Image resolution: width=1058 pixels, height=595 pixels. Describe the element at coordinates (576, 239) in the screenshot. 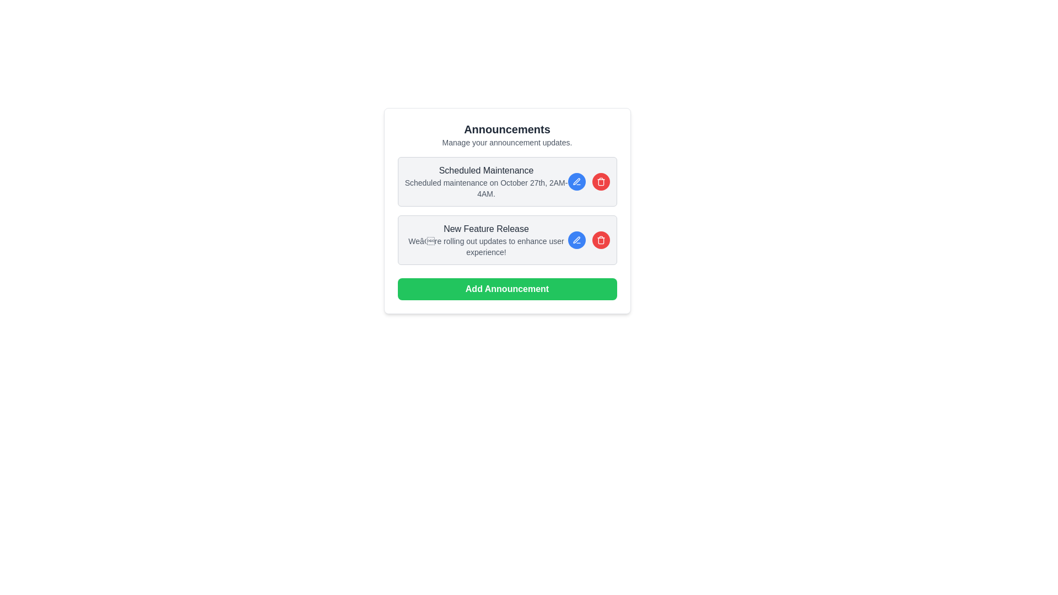

I see `the edit button located to the right of the 'New Feature Release' text in the second row of the announcement list` at that location.